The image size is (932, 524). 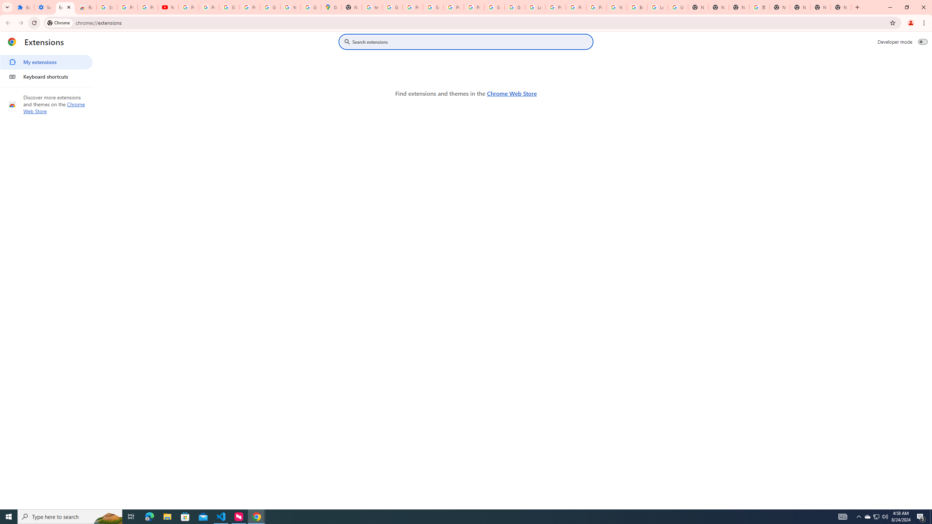 What do you see at coordinates (46, 62) in the screenshot?
I see `'My extensions'` at bounding box center [46, 62].